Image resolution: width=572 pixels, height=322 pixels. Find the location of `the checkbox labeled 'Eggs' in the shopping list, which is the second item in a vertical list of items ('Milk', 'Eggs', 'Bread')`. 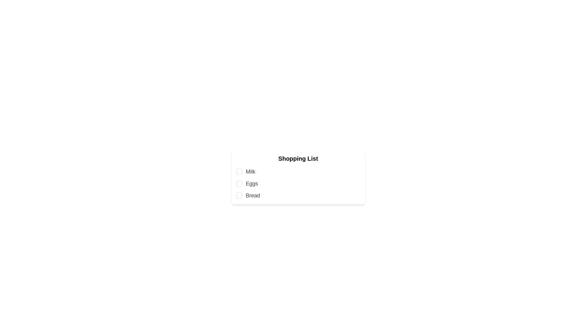

the checkbox labeled 'Eggs' in the shopping list, which is the second item in a vertical list of items ('Milk', 'Eggs', 'Bread') is located at coordinates (298, 183).